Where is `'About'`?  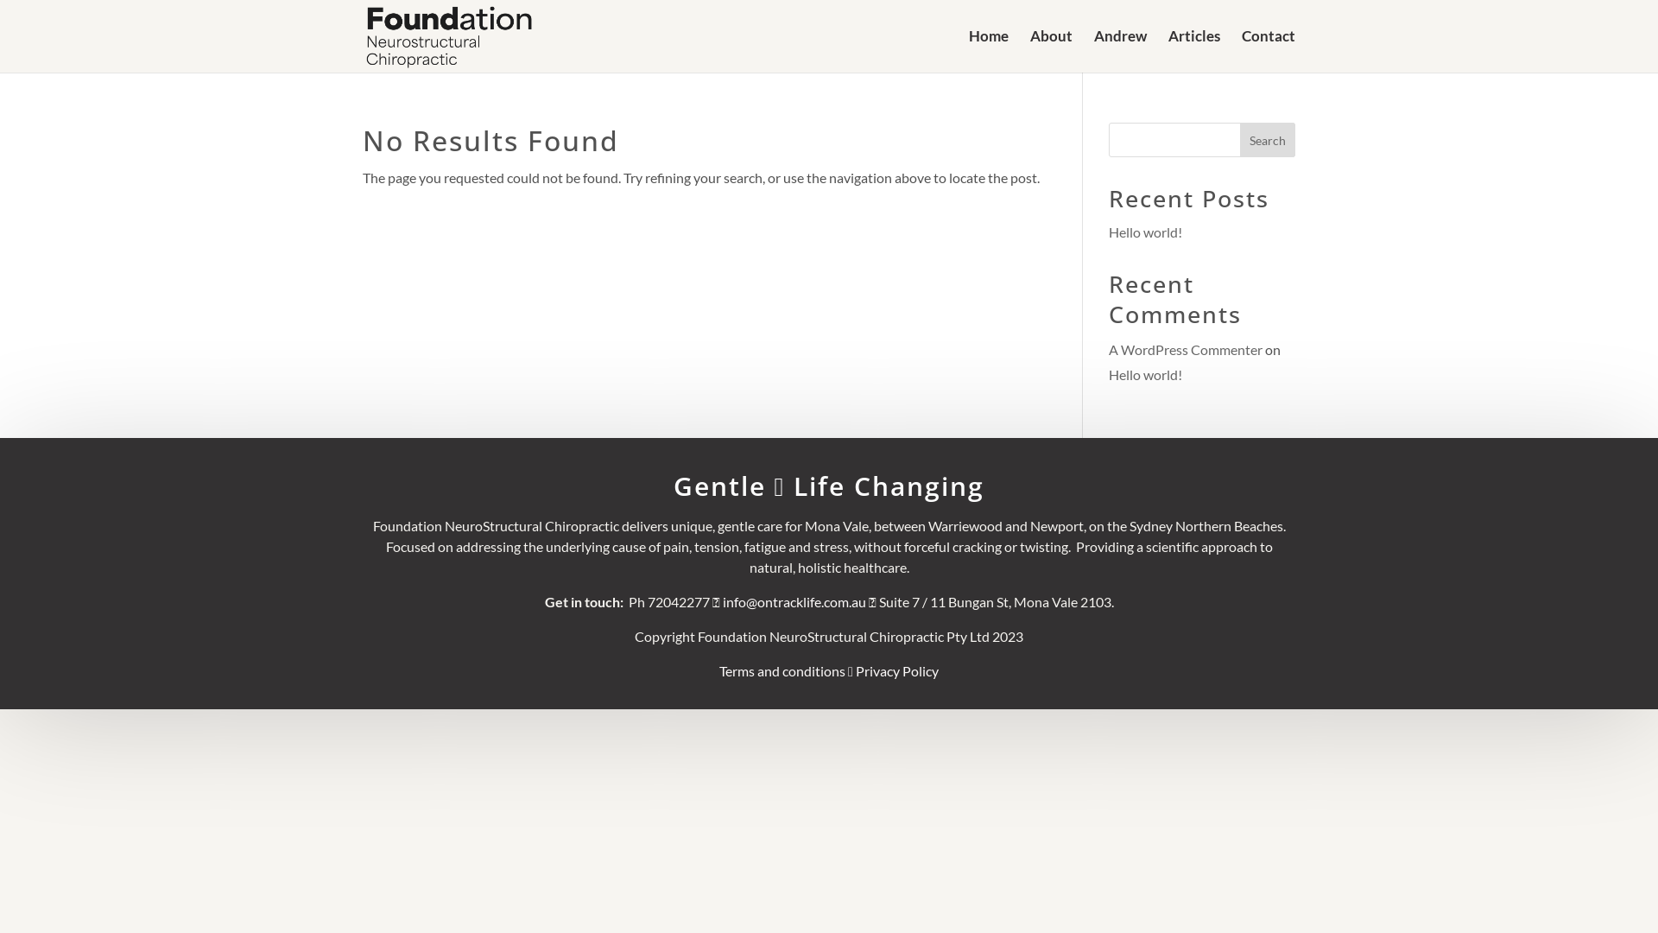 'About' is located at coordinates (1050, 50).